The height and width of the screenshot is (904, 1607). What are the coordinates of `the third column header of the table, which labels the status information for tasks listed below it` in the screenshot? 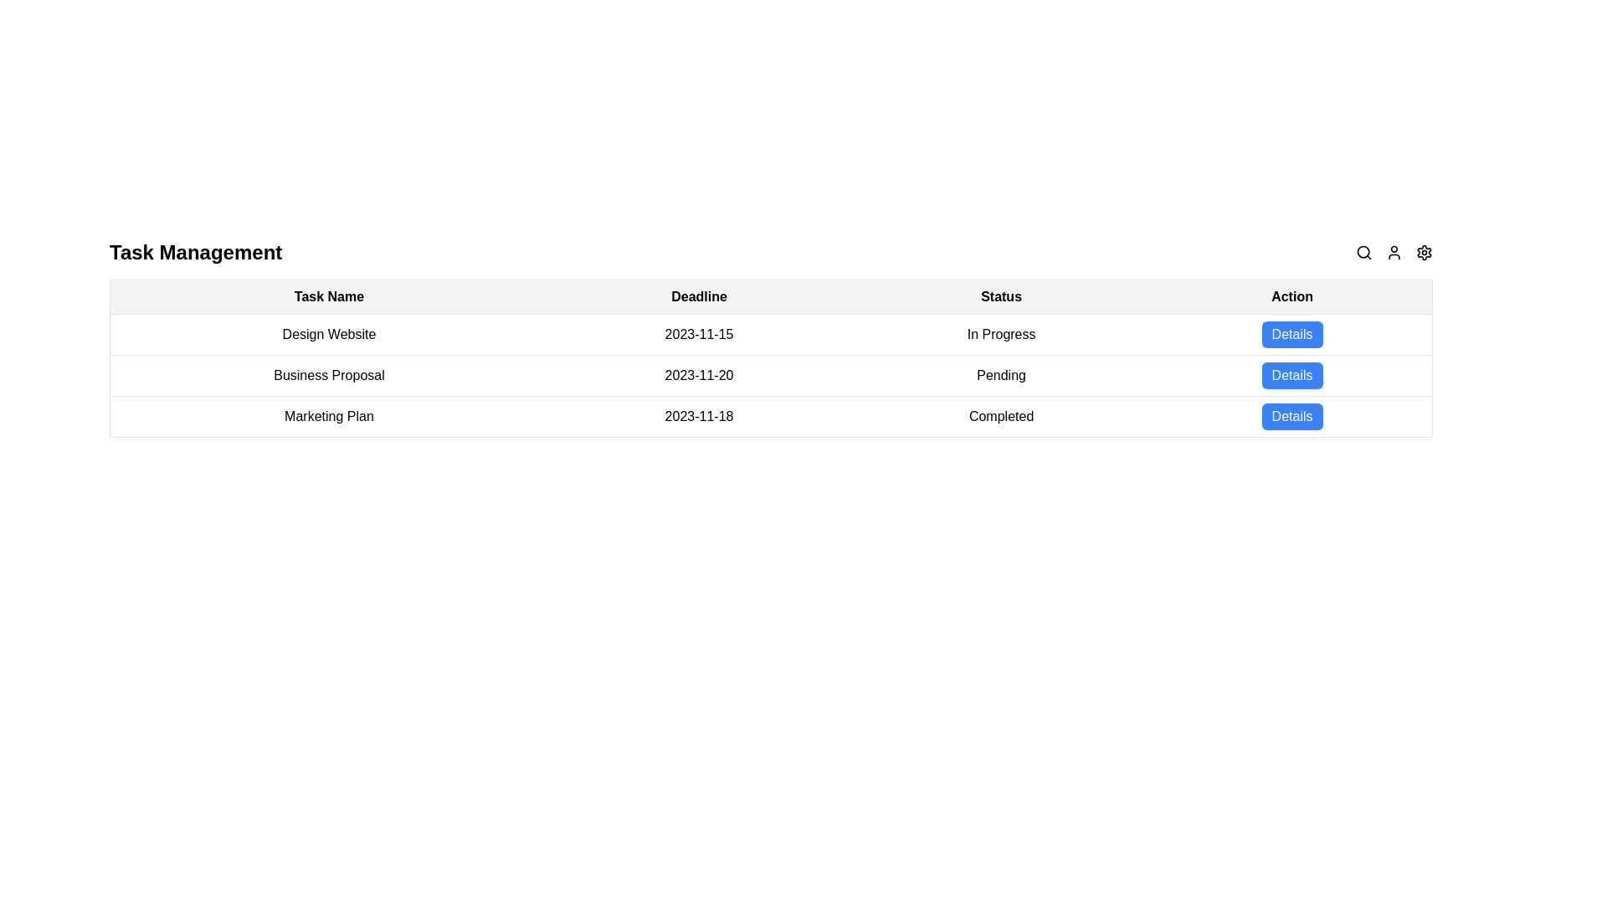 It's located at (1001, 295).